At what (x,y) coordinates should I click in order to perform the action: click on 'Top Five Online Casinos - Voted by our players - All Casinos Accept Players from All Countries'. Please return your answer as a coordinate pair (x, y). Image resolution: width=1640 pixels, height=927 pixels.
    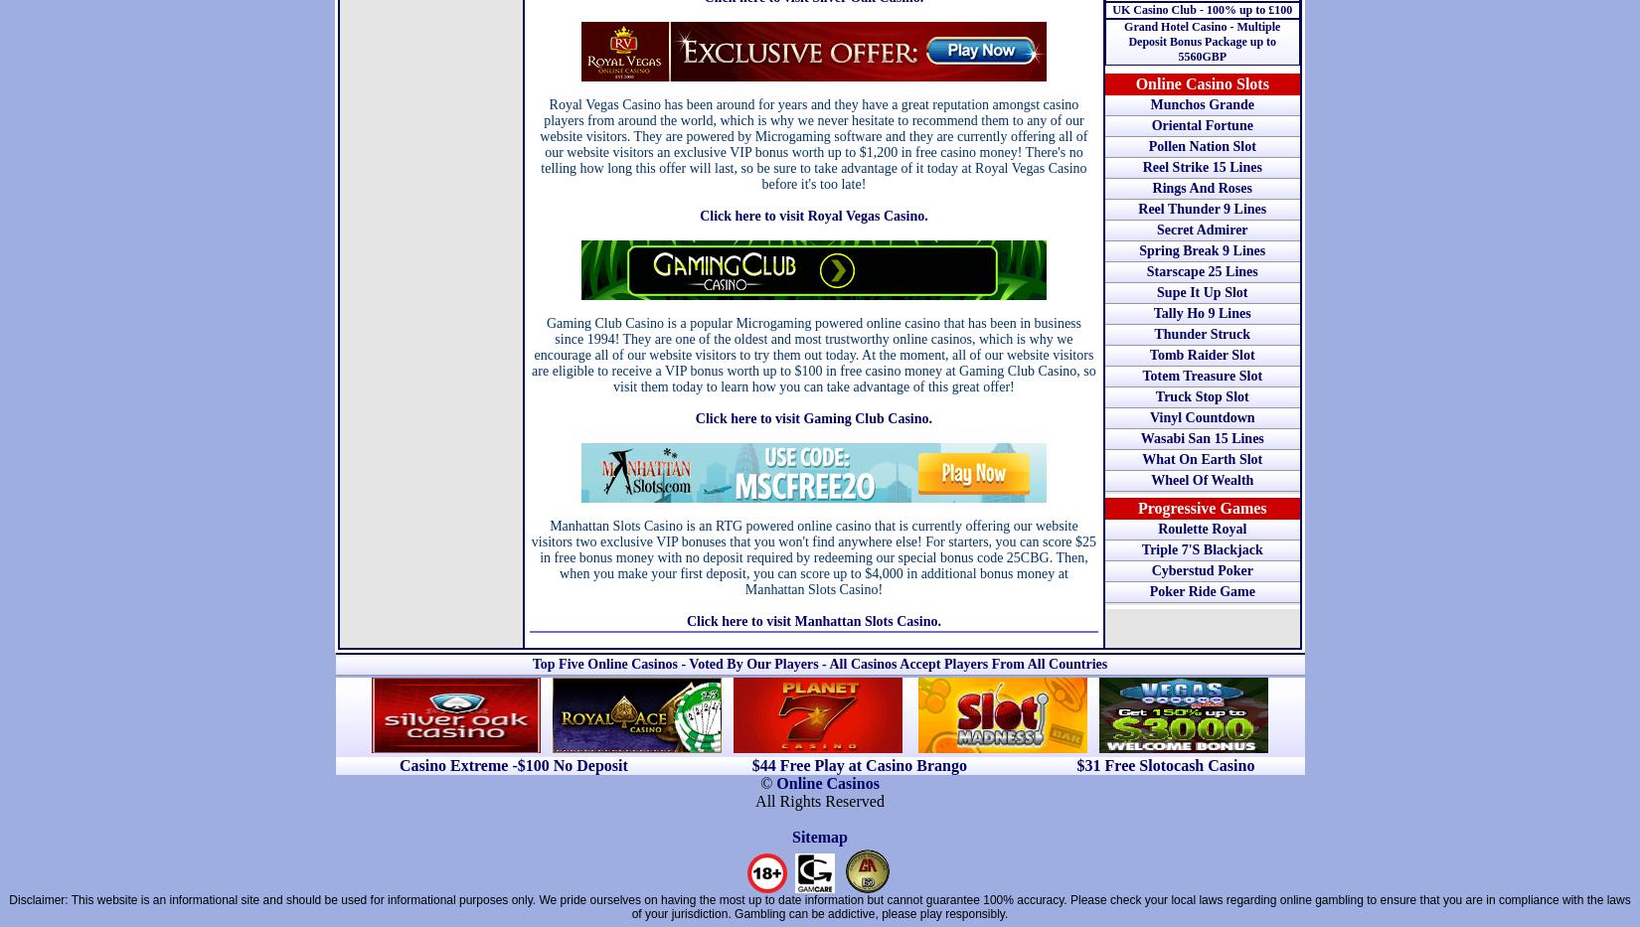
    Looking at the image, I should click on (818, 663).